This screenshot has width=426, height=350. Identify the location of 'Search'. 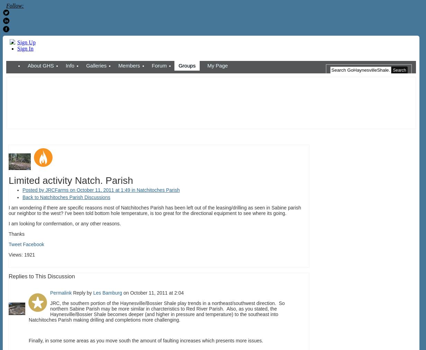
(399, 70).